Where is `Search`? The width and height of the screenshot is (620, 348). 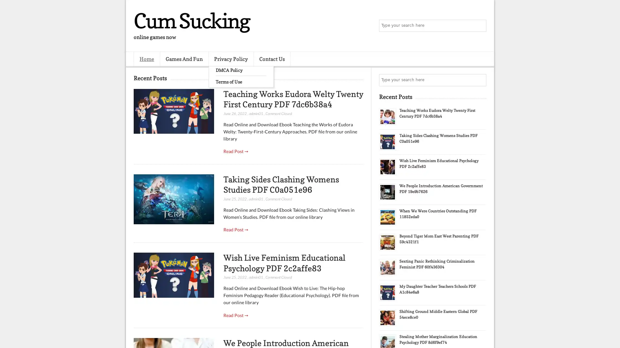 Search is located at coordinates (480, 80).